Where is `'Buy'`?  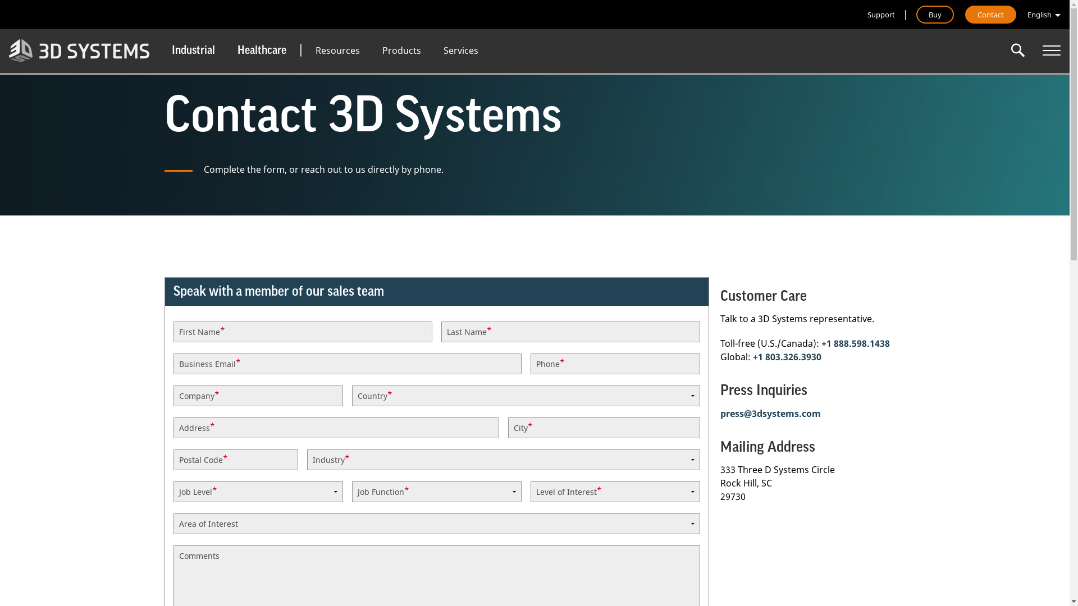
'Buy' is located at coordinates (916, 15).